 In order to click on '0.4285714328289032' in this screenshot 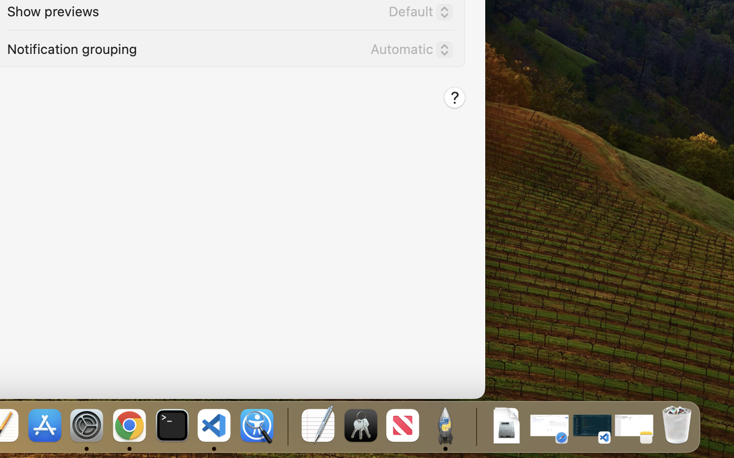, I will do `click(286, 426)`.